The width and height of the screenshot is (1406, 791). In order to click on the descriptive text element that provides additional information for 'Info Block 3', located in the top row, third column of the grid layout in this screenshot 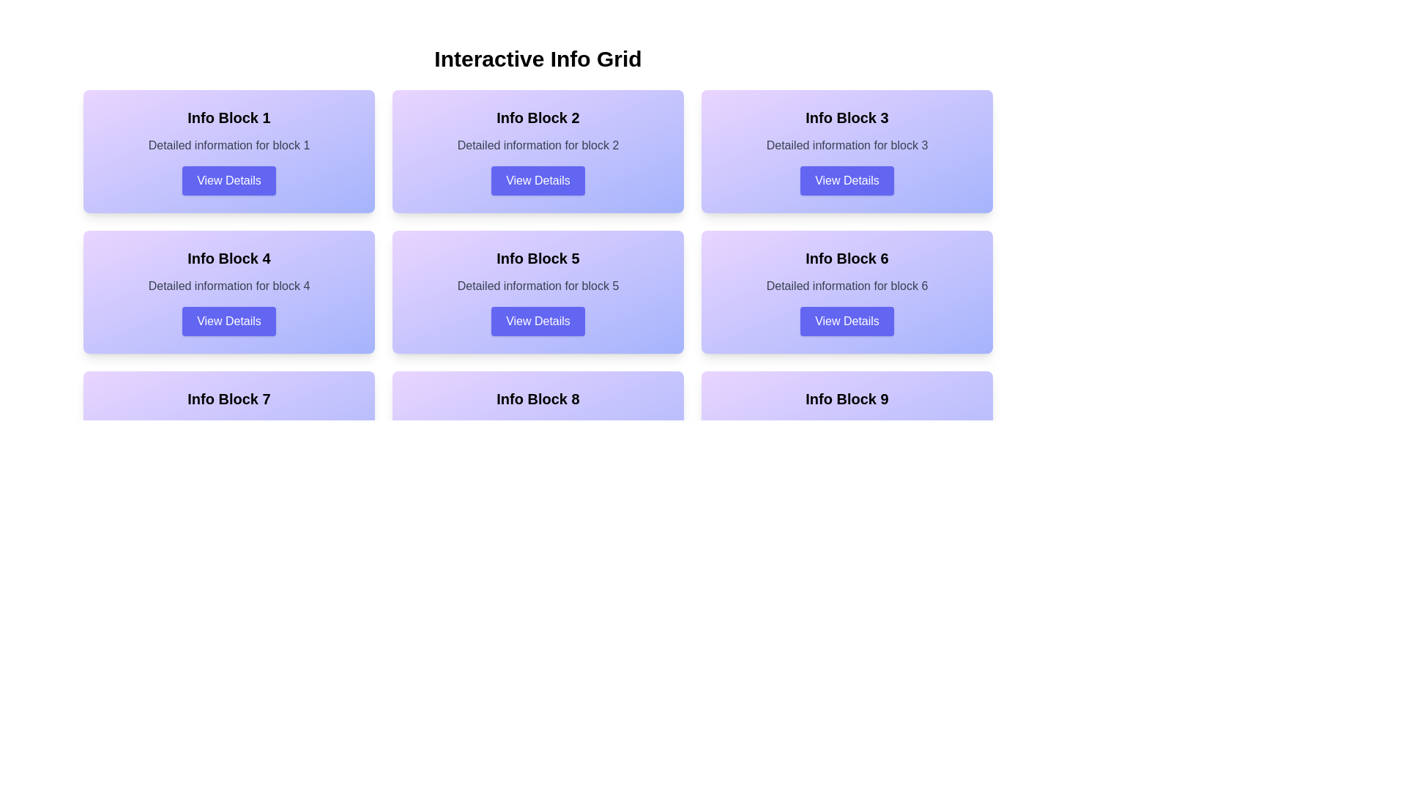, I will do `click(847, 146)`.